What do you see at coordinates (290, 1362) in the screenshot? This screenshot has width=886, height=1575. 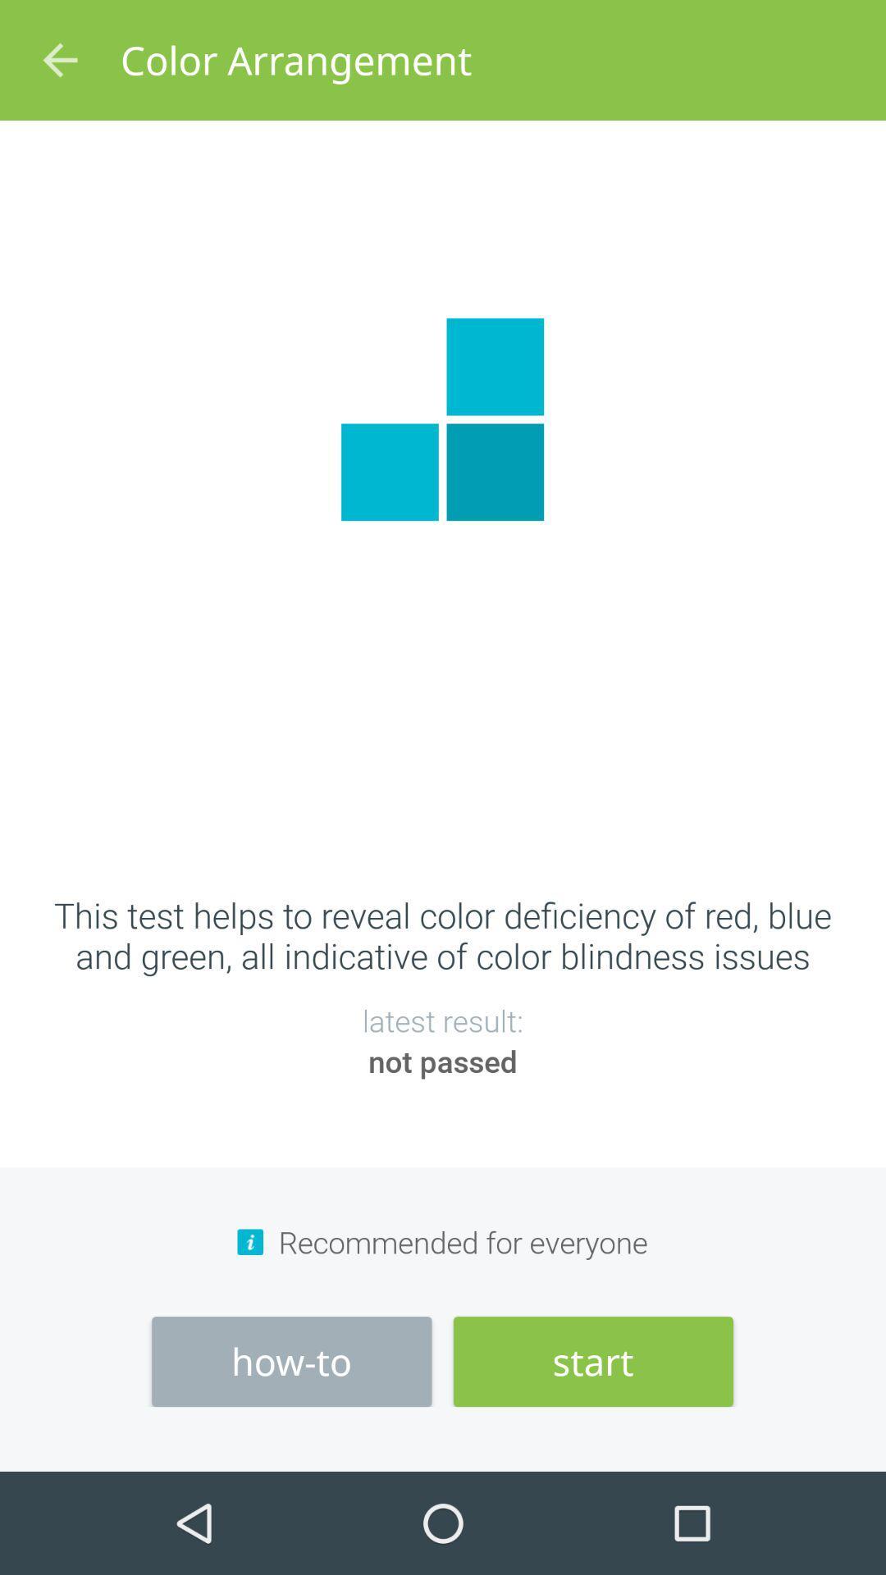 I see `the icon below the recommended for everyone item` at bounding box center [290, 1362].